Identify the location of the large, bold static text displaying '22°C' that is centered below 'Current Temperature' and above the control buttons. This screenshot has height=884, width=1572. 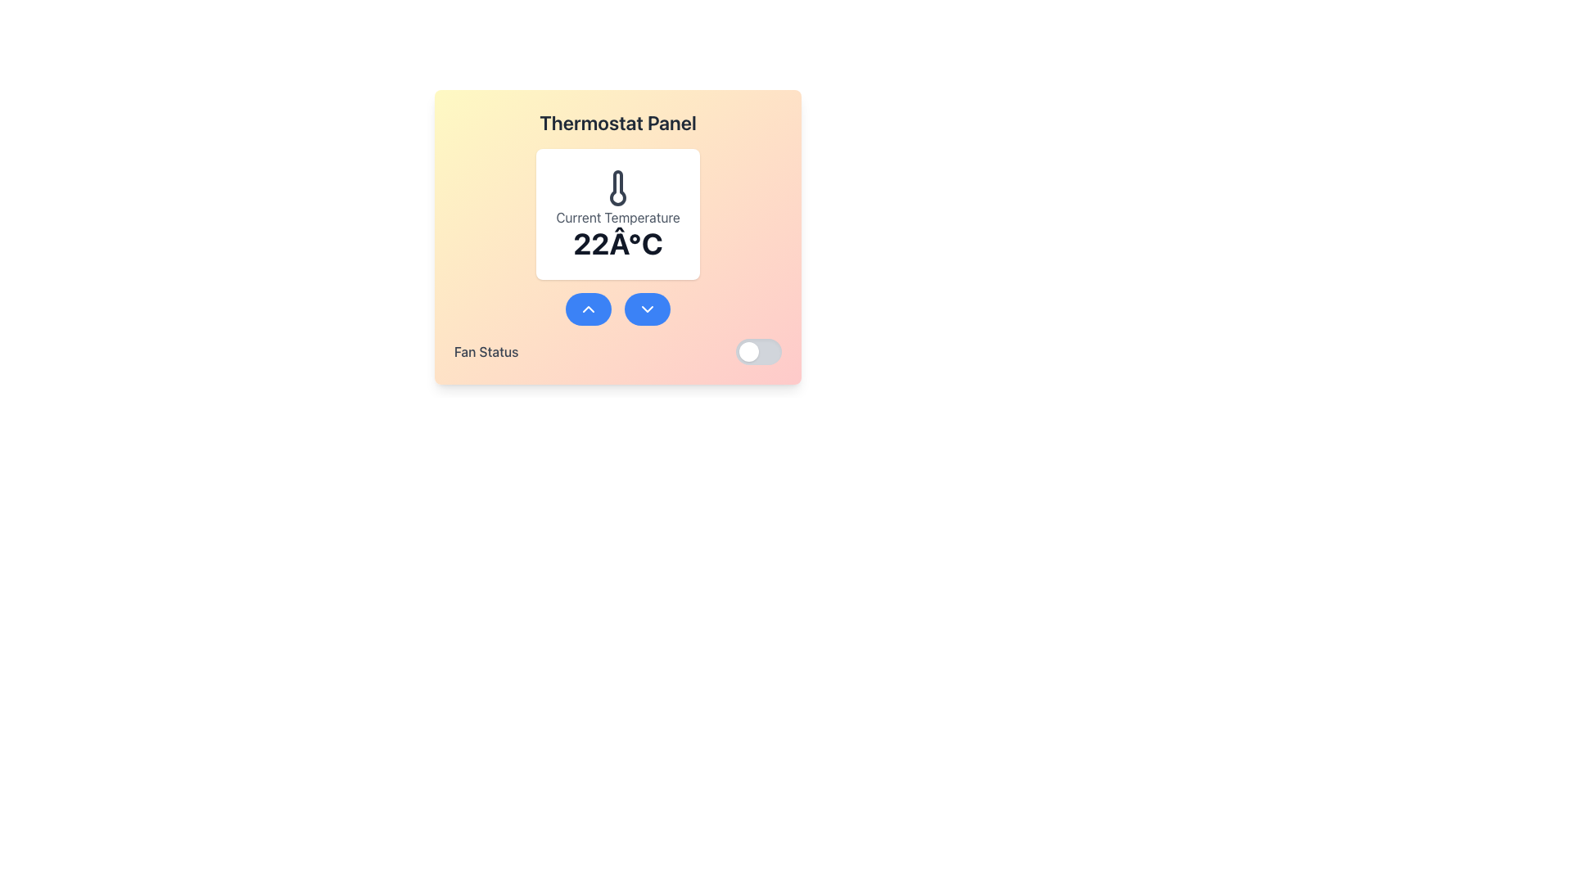
(617, 243).